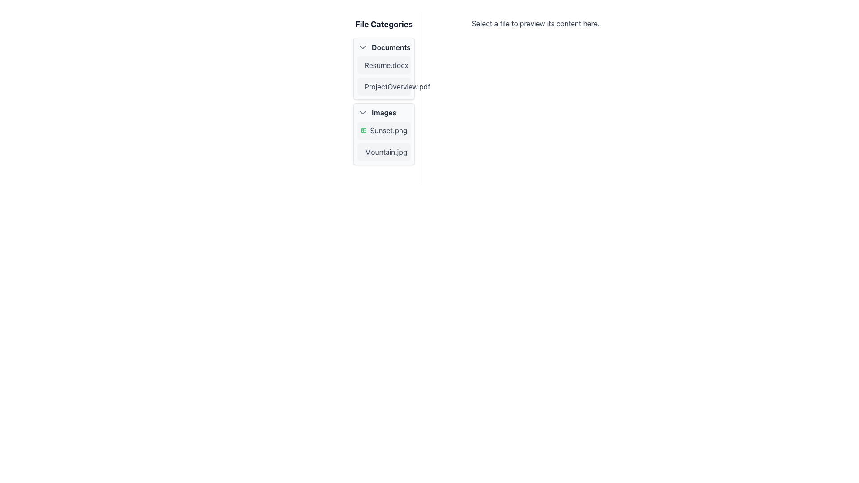  Describe the element at coordinates (384, 47) in the screenshot. I see `the 'Documents' Collapsible Section Header` at that location.